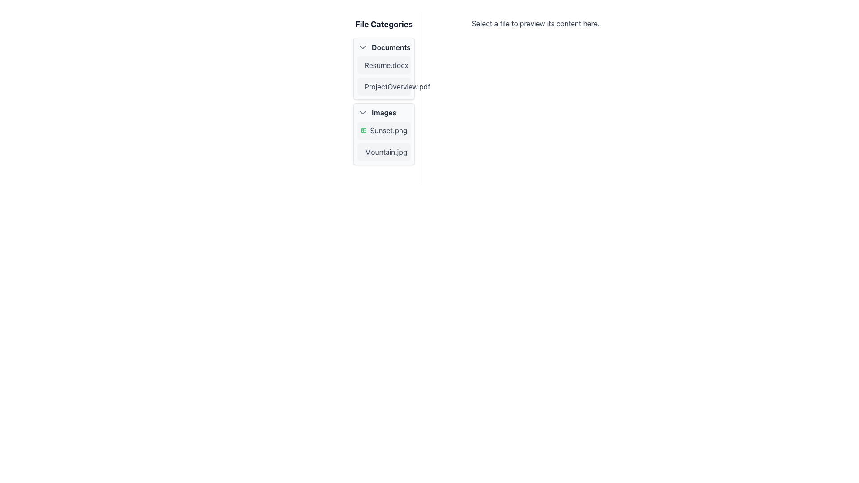  Describe the element at coordinates (384, 47) in the screenshot. I see `the 'Documents' Collapsible Section Header` at that location.